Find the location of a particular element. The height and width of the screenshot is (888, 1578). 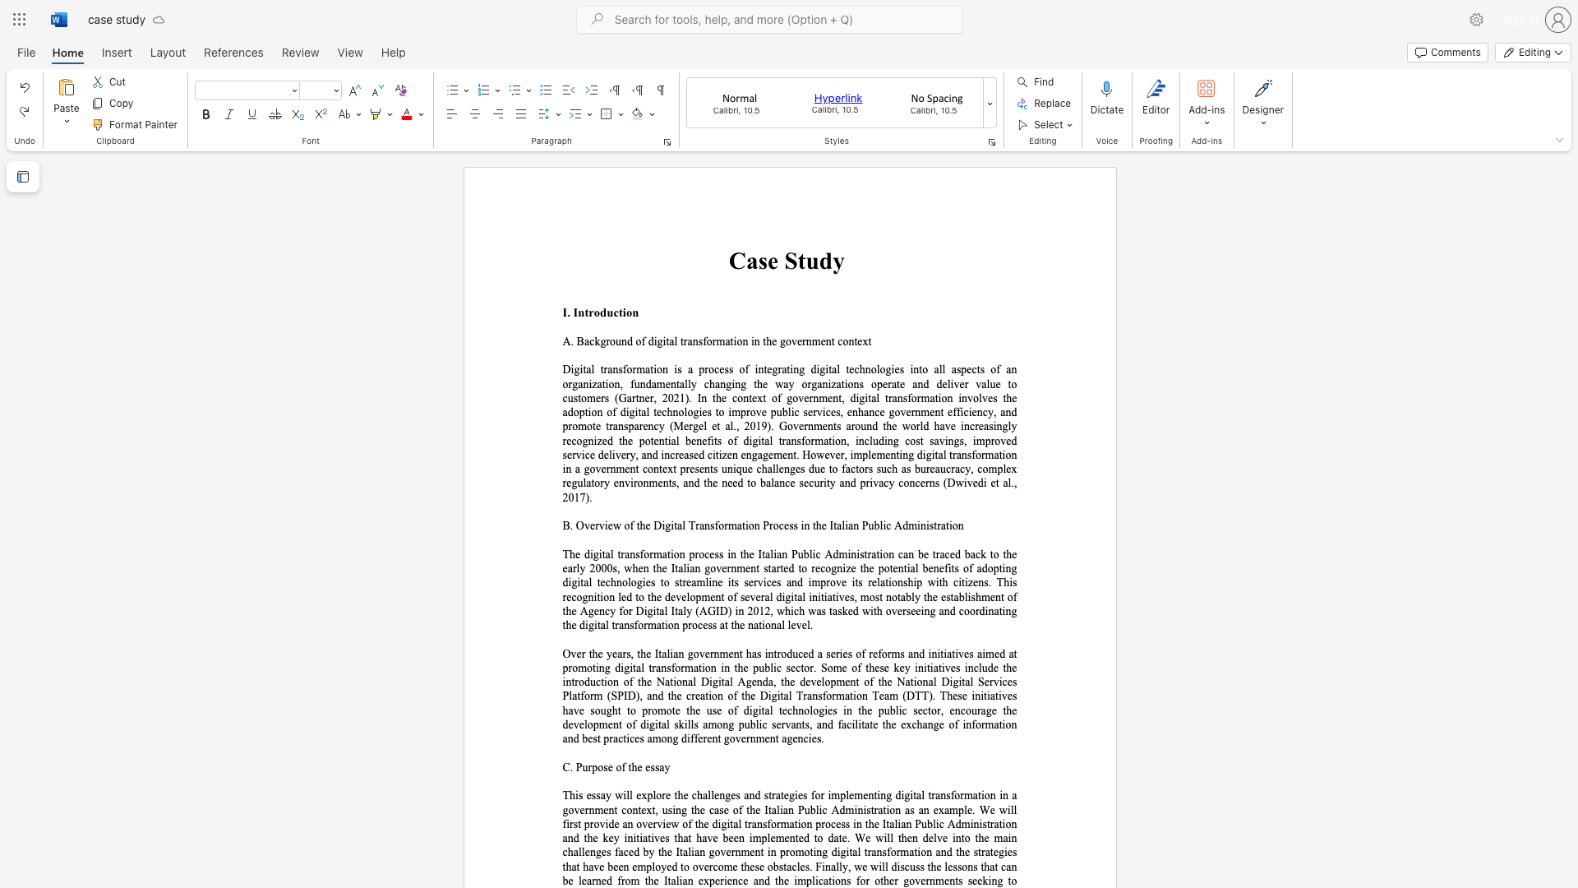

the subset text "es of reforms and initiatives aimed at promoting digital transformation in the public sector. Some of these key initiatives include the introduction of the National Digital Agenda, the development of the National Digital Services Platform (SPID), and the creation of the Digital Transformation Team (D" within the text "Over the years, the Italian government has introduced a series of reforms and initiatives aimed at promoting digital transformation in the public sector. Some of these key initiatives include the introduction of the National Digital Agenda, the development of the National Digital Services Platform (SPID), and the creation of the Digital Transformation Team (DTT). These initiatives have sought to promote the use of digital technologies in the public sector, encourage the development of digital skills among p" is located at coordinates (842, 653).